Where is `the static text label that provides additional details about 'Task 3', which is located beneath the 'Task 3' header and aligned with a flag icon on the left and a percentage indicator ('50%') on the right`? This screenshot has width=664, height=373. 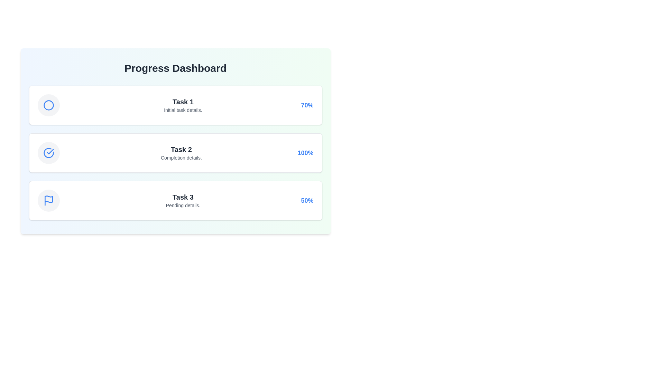 the static text label that provides additional details about 'Task 3', which is located beneath the 'Task 3' header and aligned with a flag icon on the left and a percentage indicator ('50%') on the right is located at coordinates (183, 205).